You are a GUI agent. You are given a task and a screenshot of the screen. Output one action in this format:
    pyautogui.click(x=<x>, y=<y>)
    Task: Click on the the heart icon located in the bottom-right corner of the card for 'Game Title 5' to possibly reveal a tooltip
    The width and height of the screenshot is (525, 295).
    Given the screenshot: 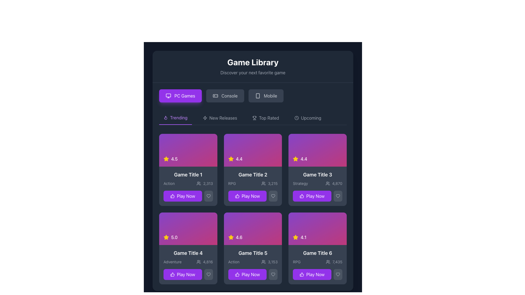 What is the action you would take?
    pyautogui.click(x=273, y=275)
    